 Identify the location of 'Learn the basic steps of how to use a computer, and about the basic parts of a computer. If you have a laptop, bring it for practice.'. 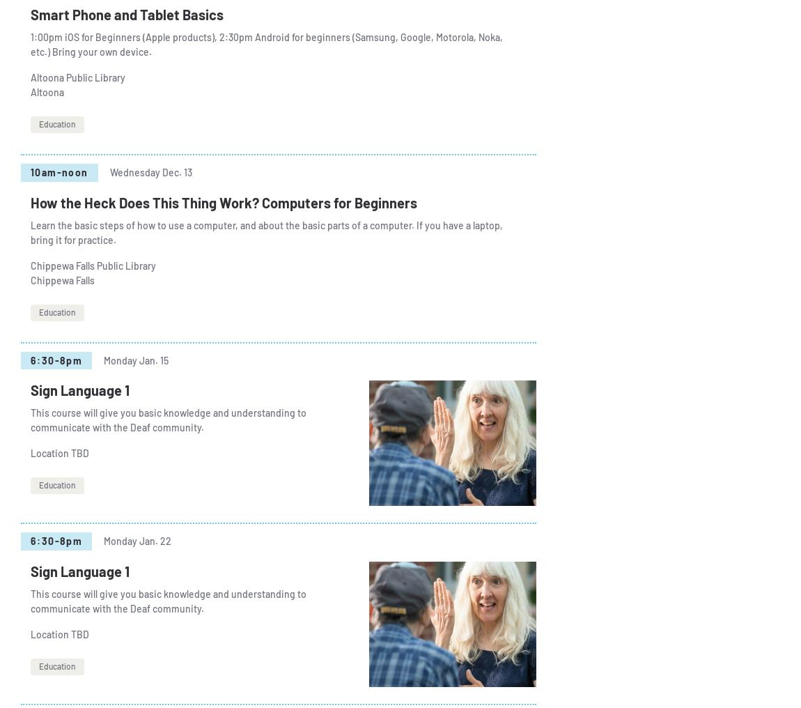
(30, 232).